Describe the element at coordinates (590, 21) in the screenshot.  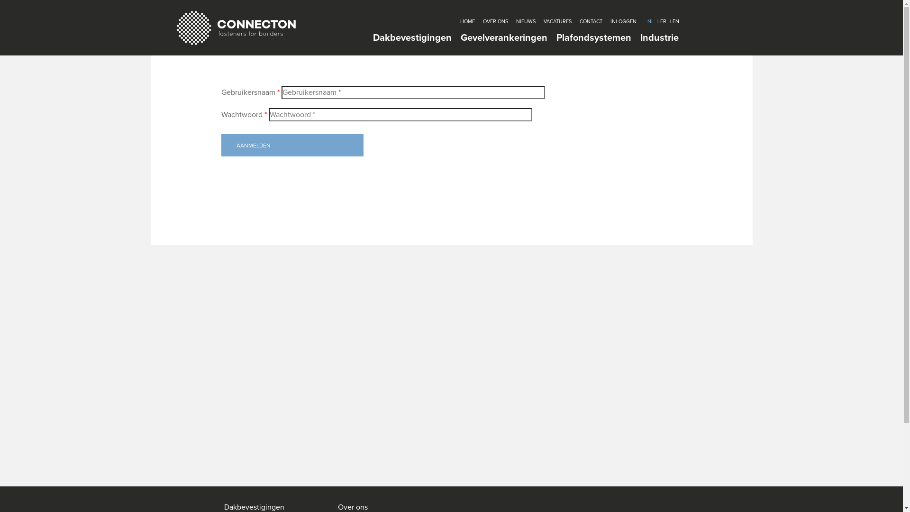
I see `'CONTACT'` at that location.